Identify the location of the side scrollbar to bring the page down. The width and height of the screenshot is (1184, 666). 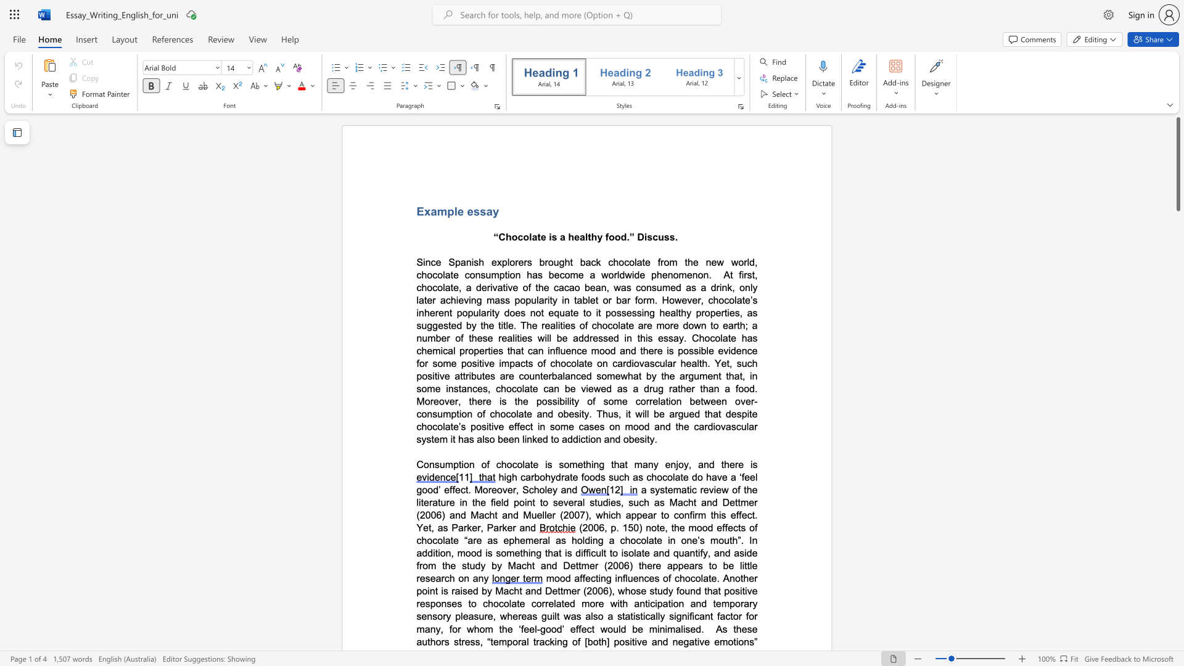
(1177, 406).